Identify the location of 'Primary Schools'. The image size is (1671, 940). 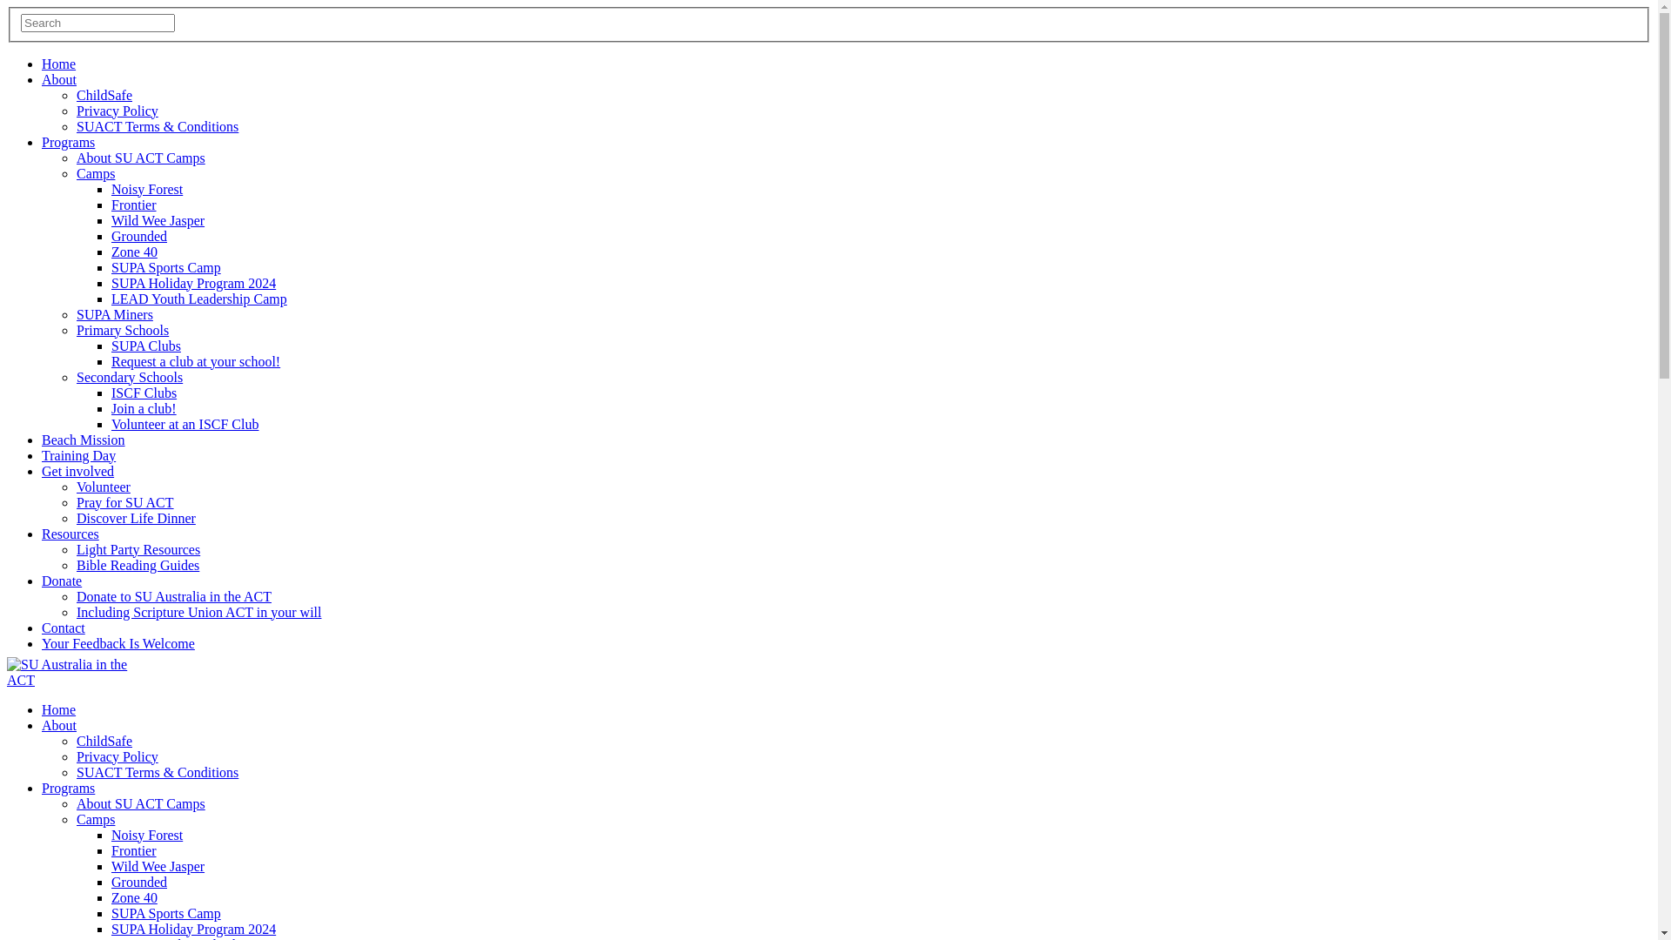
(121, 330).